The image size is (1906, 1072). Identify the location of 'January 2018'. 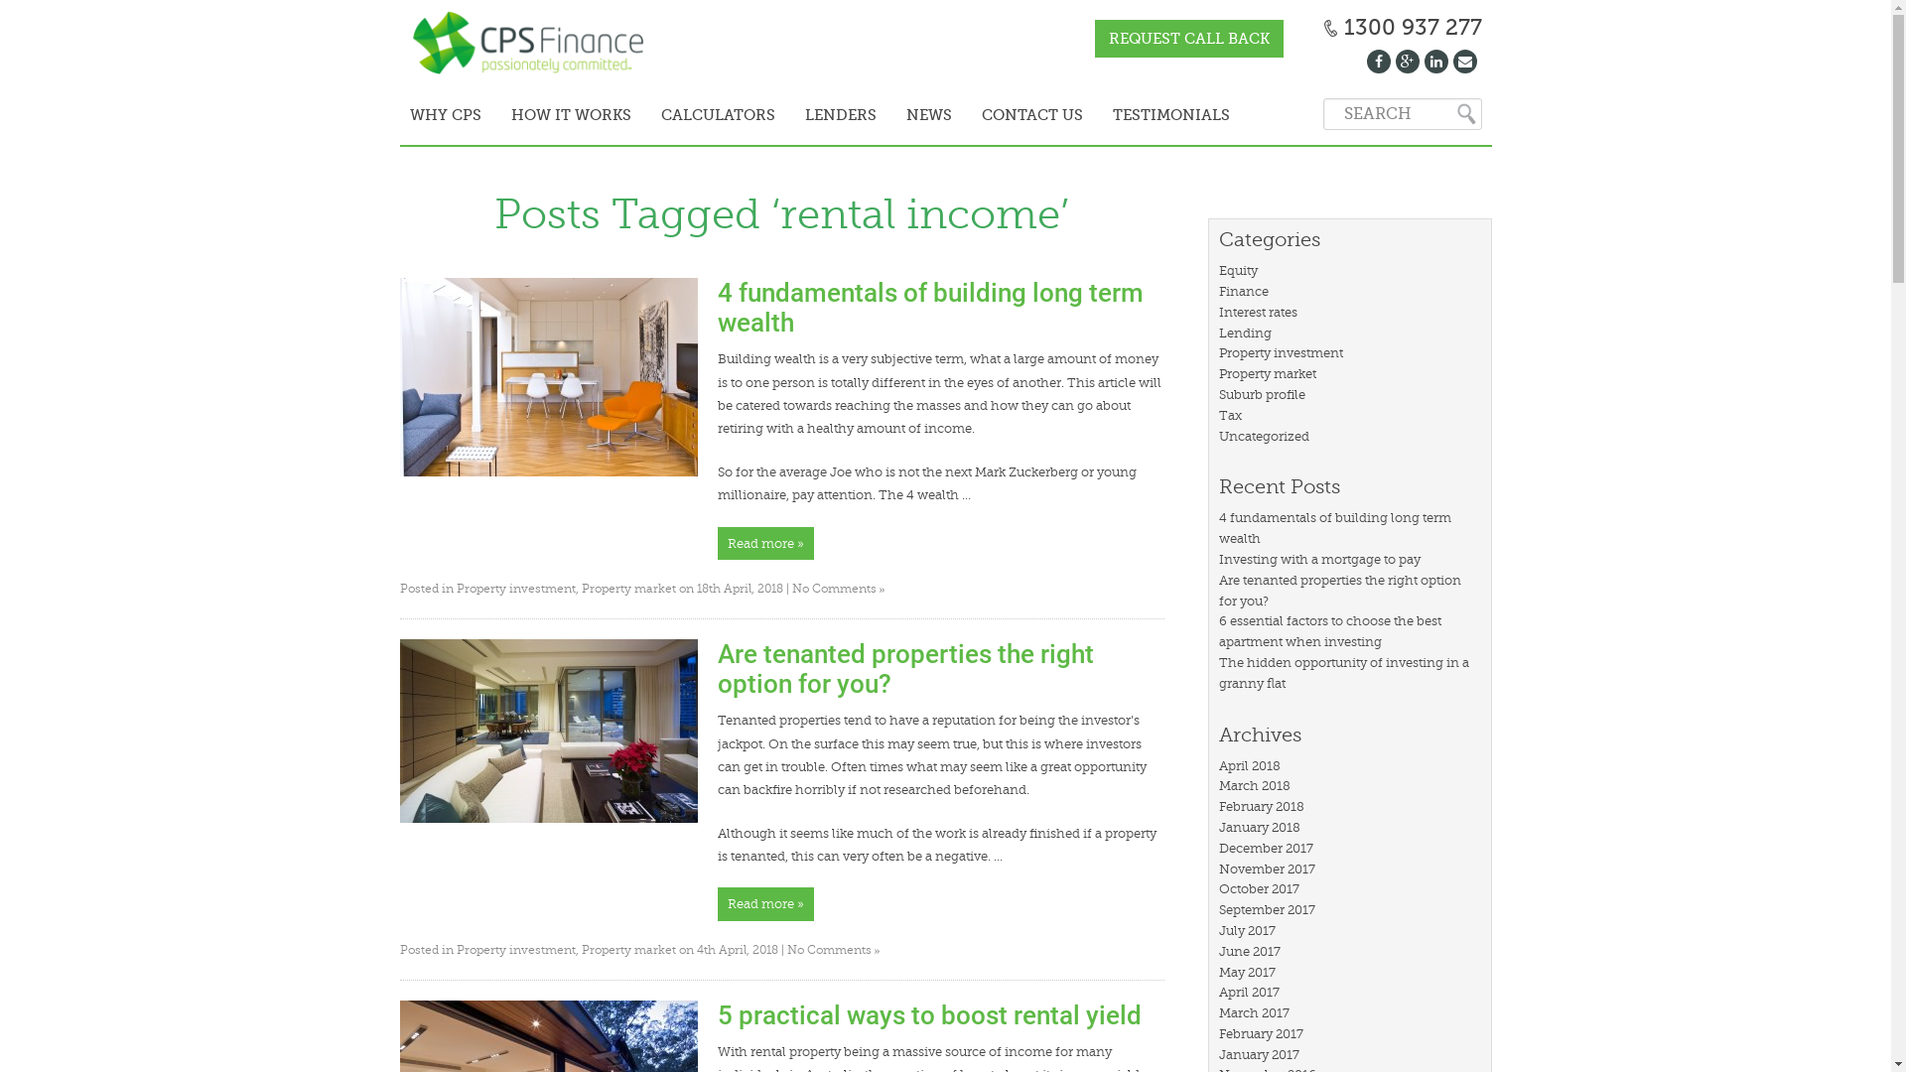
(1218, 827).